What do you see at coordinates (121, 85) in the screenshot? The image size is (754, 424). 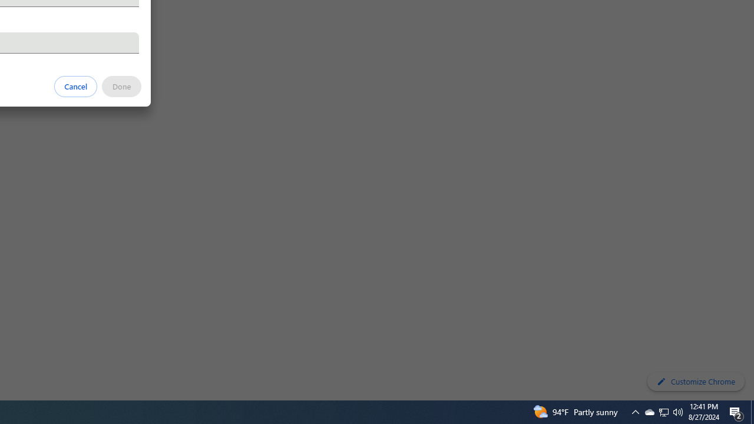 I see `'Done'` at bounding box center [121, 85].